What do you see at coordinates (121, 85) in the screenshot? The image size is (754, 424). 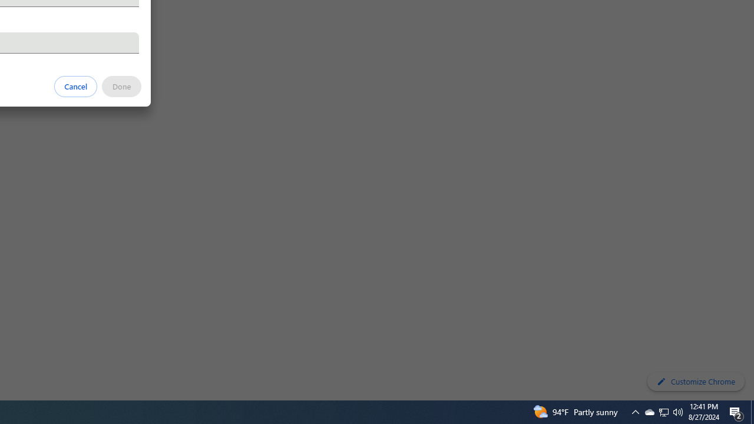 I see `'Done'` at bounding box center [121, 85].